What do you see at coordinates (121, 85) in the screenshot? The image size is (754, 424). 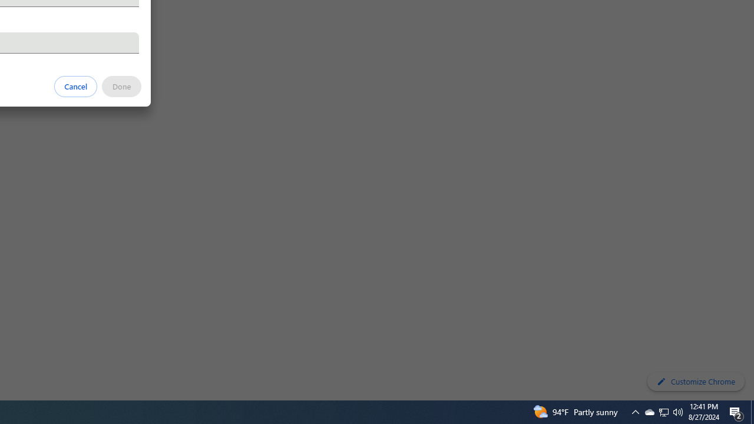 I see `'Done'` at bounding box center [121, 85].